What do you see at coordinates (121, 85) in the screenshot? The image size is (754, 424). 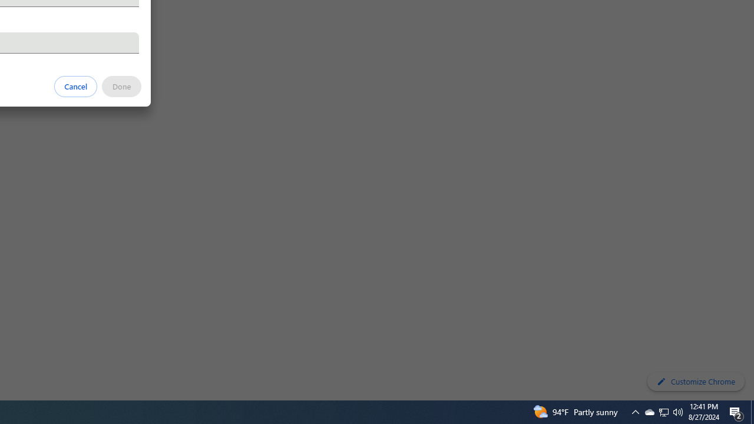 I see `'Done'` at bounding box center [121, 85].